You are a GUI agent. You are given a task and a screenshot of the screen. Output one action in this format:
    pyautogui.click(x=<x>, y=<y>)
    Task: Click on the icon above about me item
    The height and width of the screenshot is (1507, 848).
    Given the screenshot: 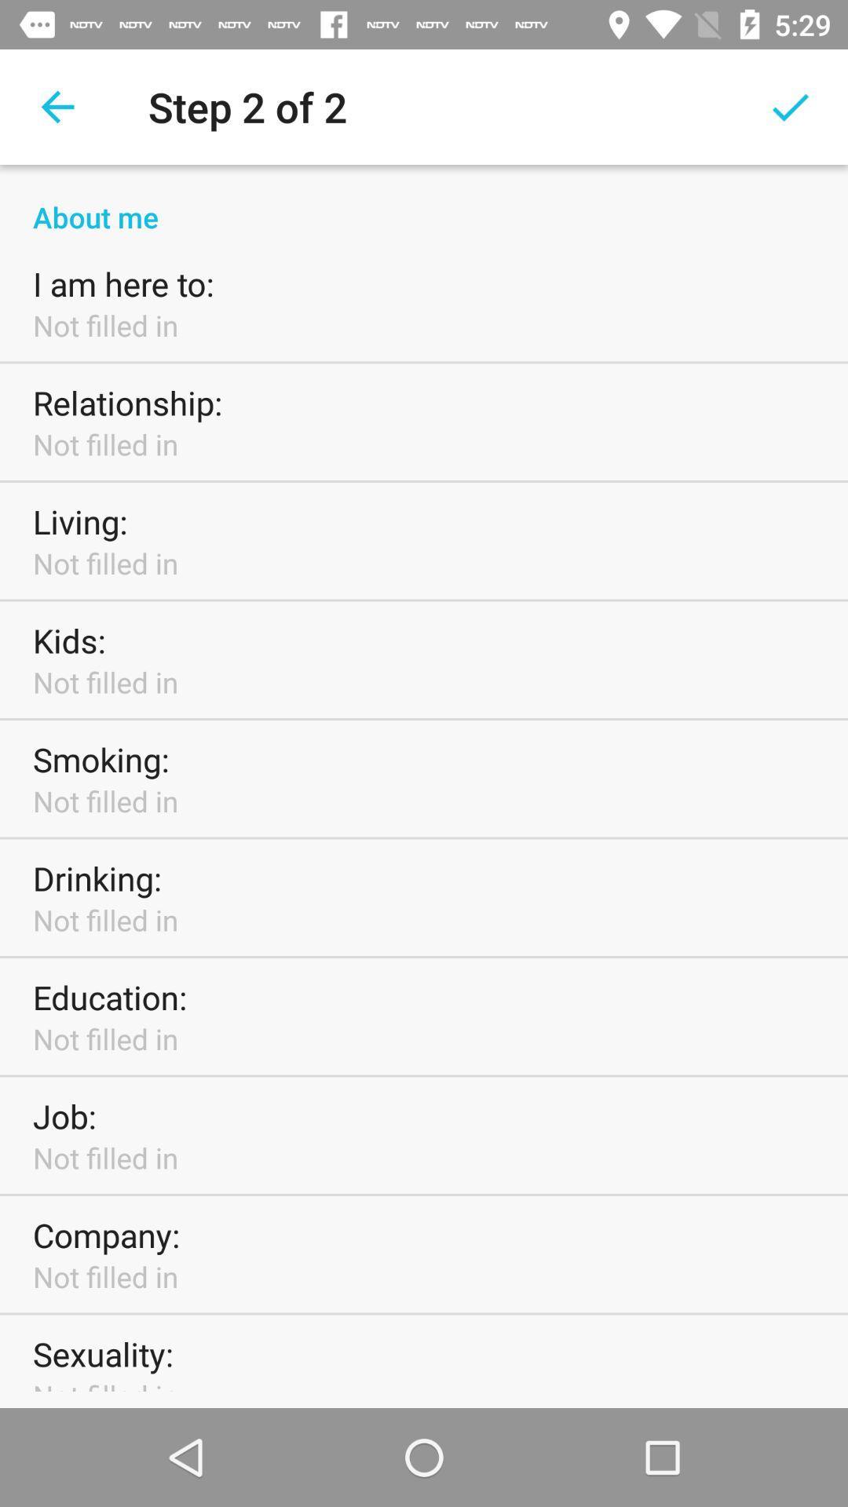 What is the action you would take?
    pyautogui.click(x=790, y=106)
    